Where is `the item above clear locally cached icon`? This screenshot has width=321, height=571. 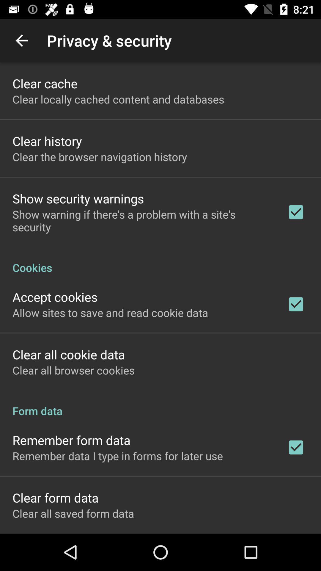
the item above clear locally cached icon is located at coordinates (45, 83).